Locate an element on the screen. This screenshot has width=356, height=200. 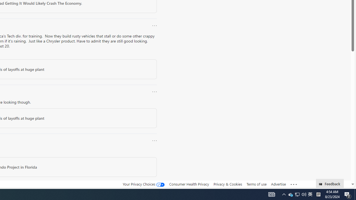
'Class: oneFooter_seeMore-DS-EntryPoint1-1' is located at coordinates (293, 184).